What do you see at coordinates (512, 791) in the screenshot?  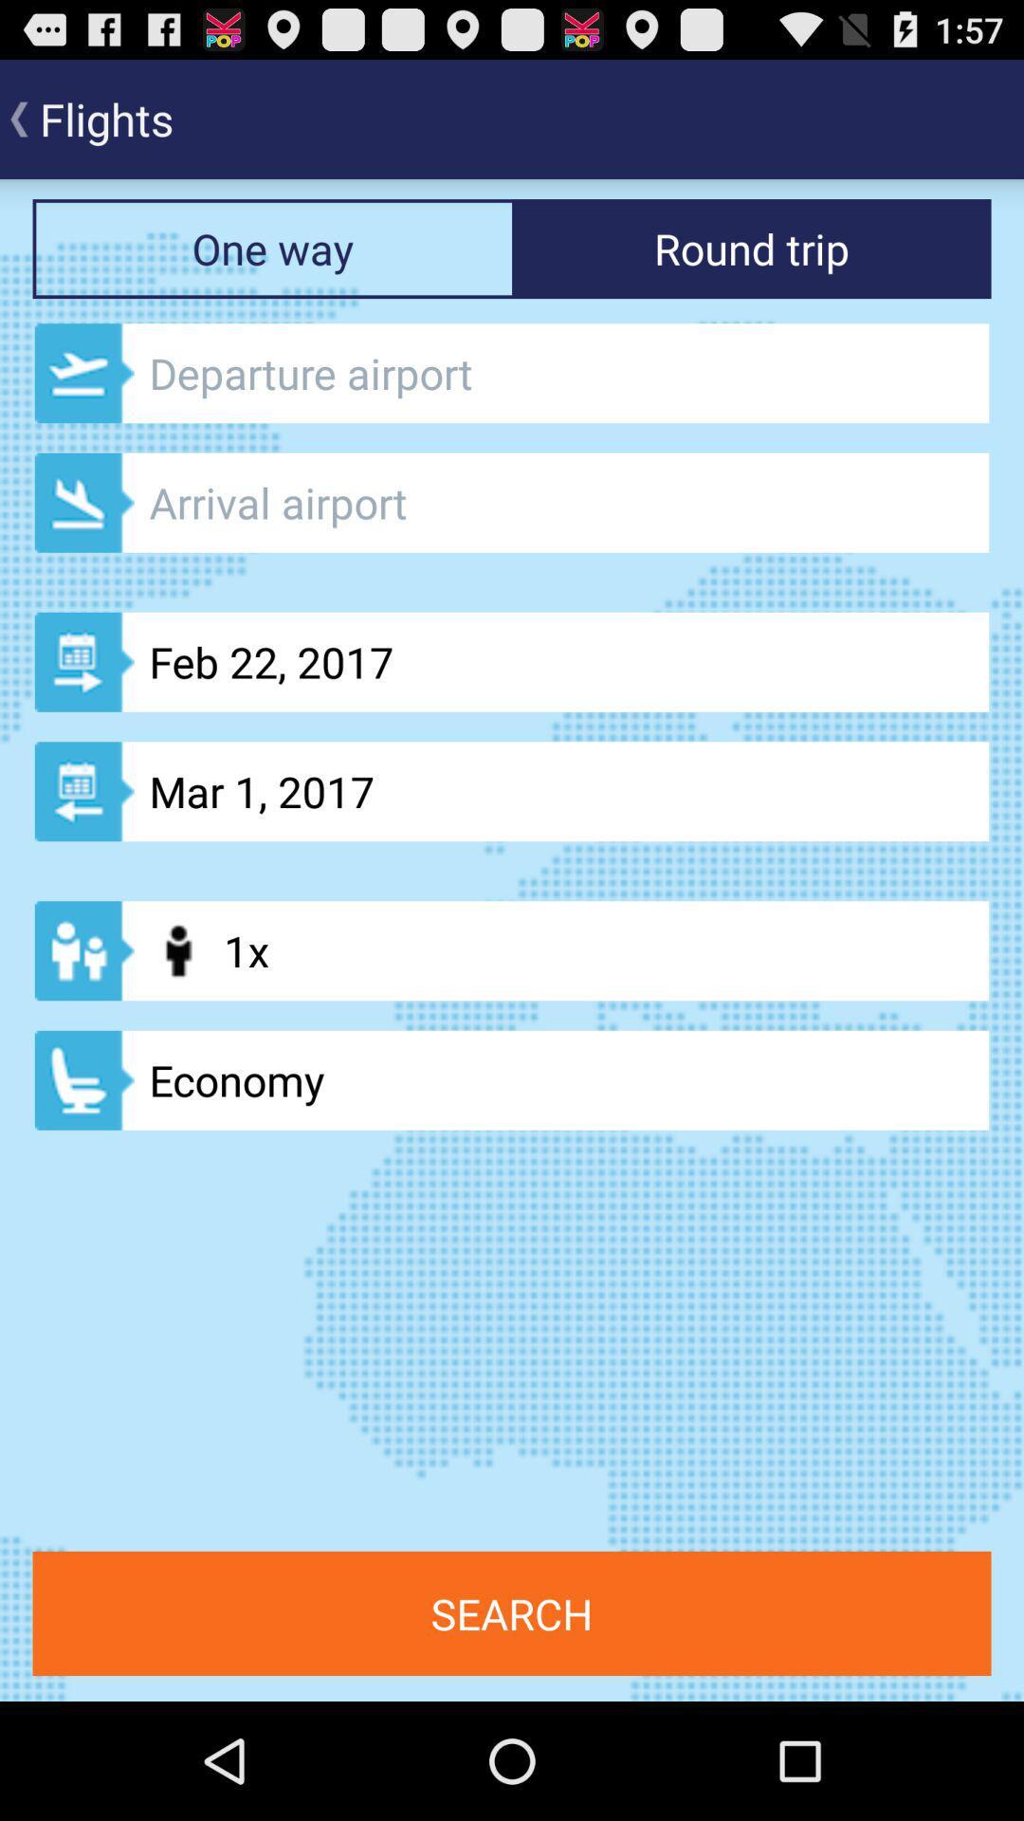 I see `icon below feb 22 2017` at bounding box center [512, 791].